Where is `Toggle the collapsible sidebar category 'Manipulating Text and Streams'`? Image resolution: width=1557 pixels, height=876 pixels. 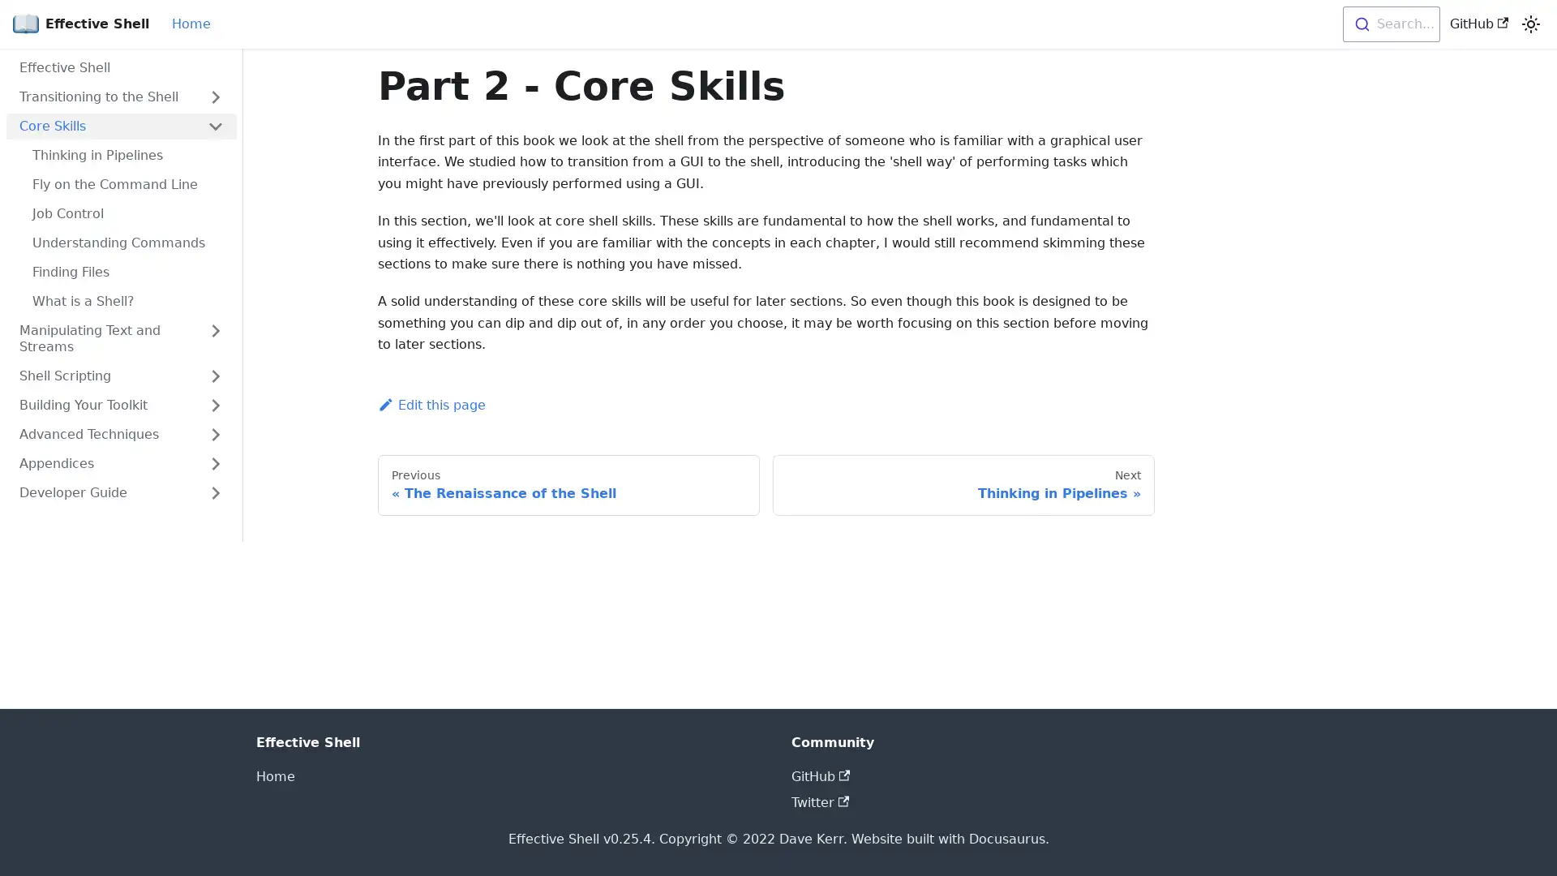 Toggle the collapsible sidebar category 'Manipulating Text and Streams' is located at coordinates (214, 337).